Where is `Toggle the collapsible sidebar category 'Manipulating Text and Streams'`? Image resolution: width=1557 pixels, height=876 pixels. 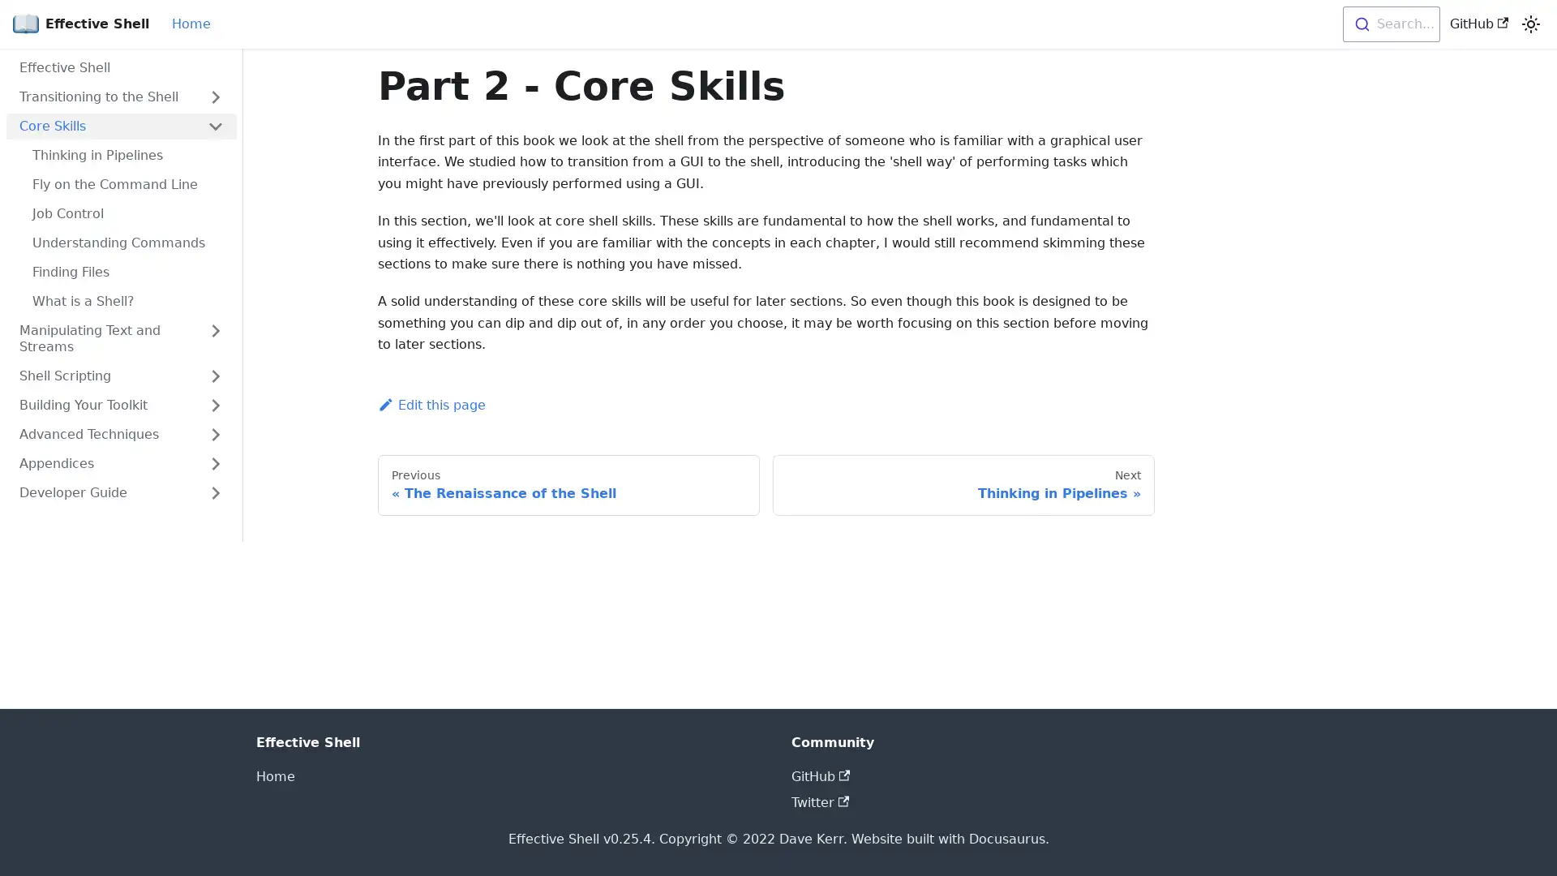 Toggle the collapsible sidebar category 'Manipulating Text and Streams' is located at coordinates (214, 337).